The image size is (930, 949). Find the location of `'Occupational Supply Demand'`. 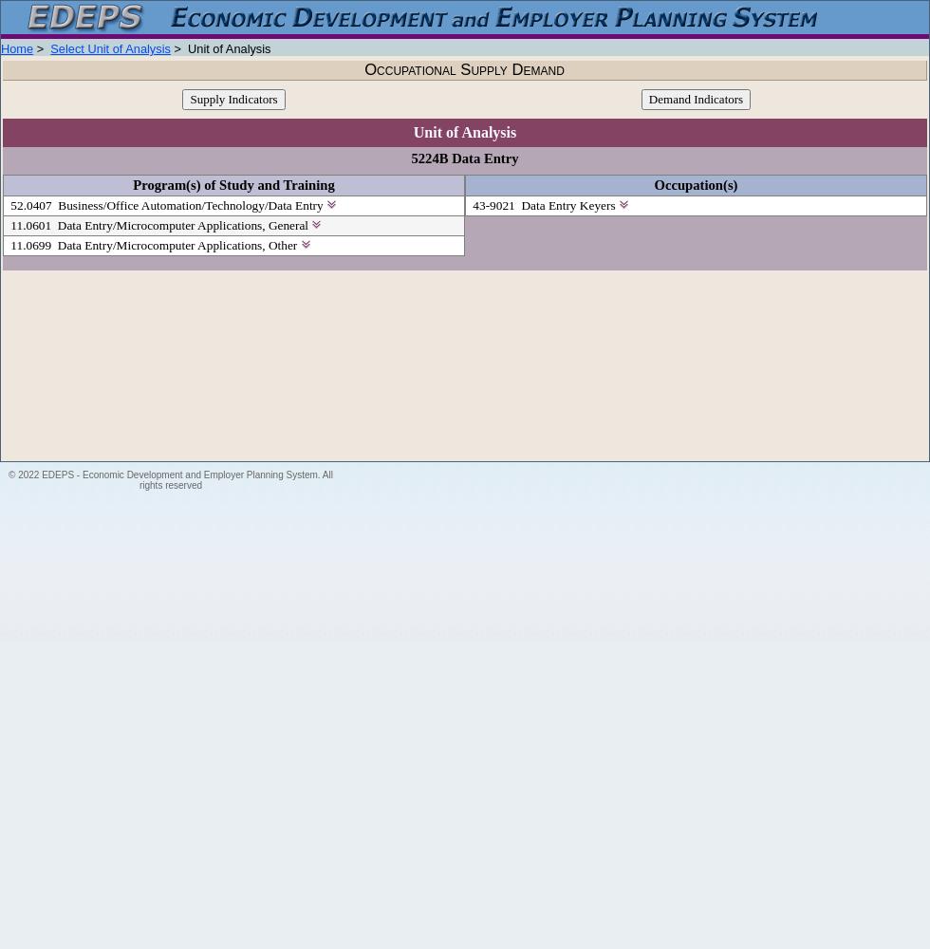

'Occupational Supply Demand' is located at coordinates (363, 68).